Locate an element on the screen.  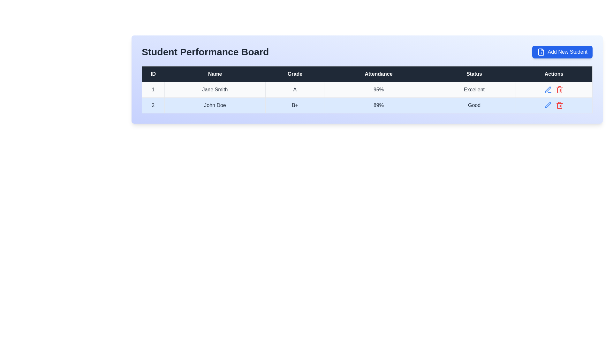
the static text element displaying 'Good' for the student 'John Doe' in the 'Status' column of the 'Student Performance Board' table is located at coordinates (474, 105).